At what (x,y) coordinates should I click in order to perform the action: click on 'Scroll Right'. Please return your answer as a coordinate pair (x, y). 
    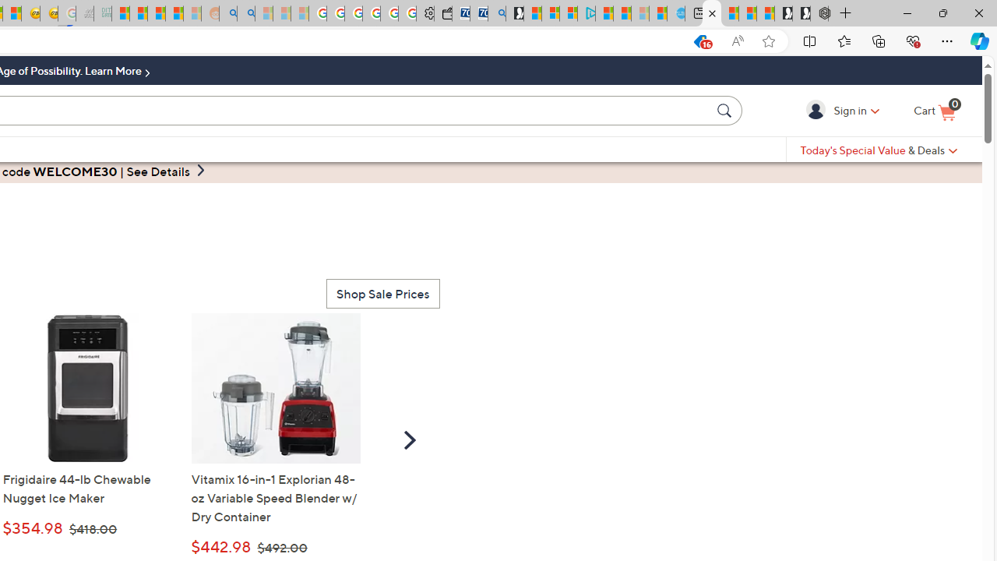
    Looking at the image, I should click on (410, 439).